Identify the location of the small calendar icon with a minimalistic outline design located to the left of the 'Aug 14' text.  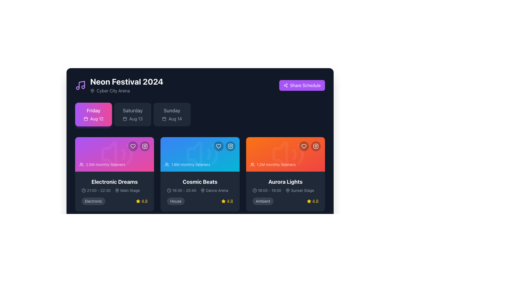
(164, 118).